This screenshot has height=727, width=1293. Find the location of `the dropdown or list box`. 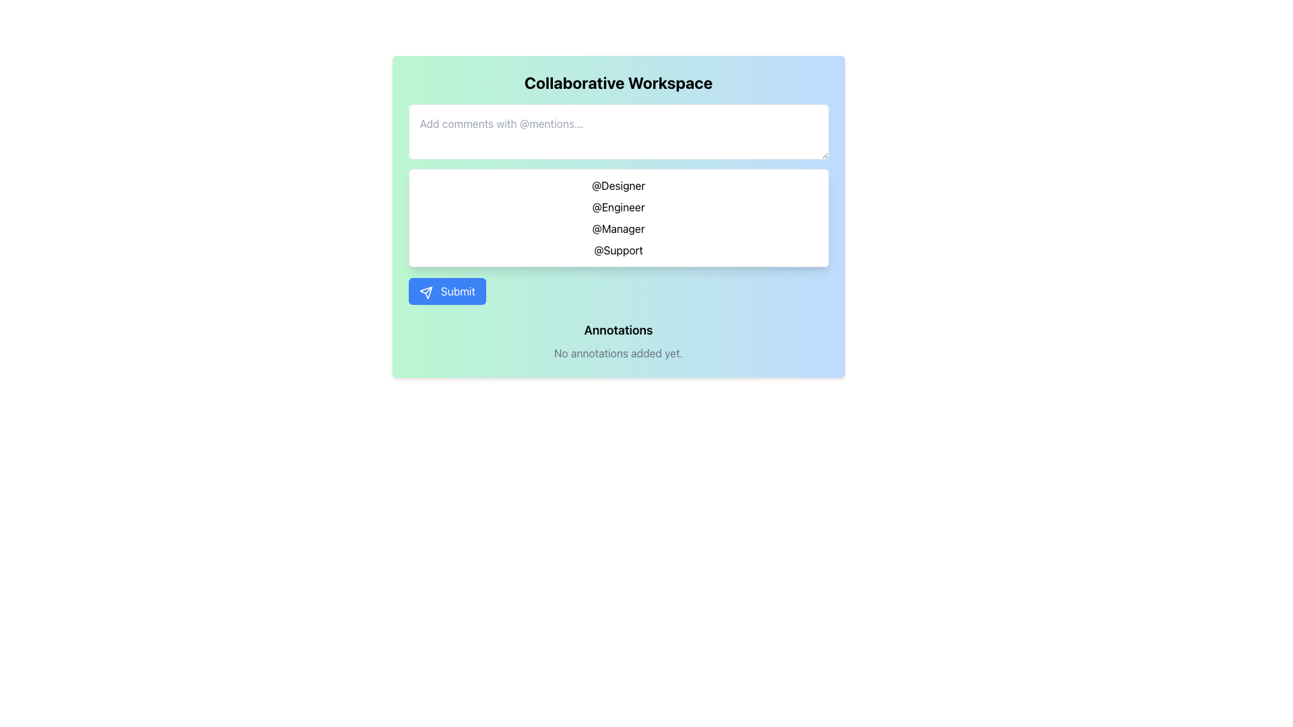

the dropdown or list box is located at coordinates (618, 215).